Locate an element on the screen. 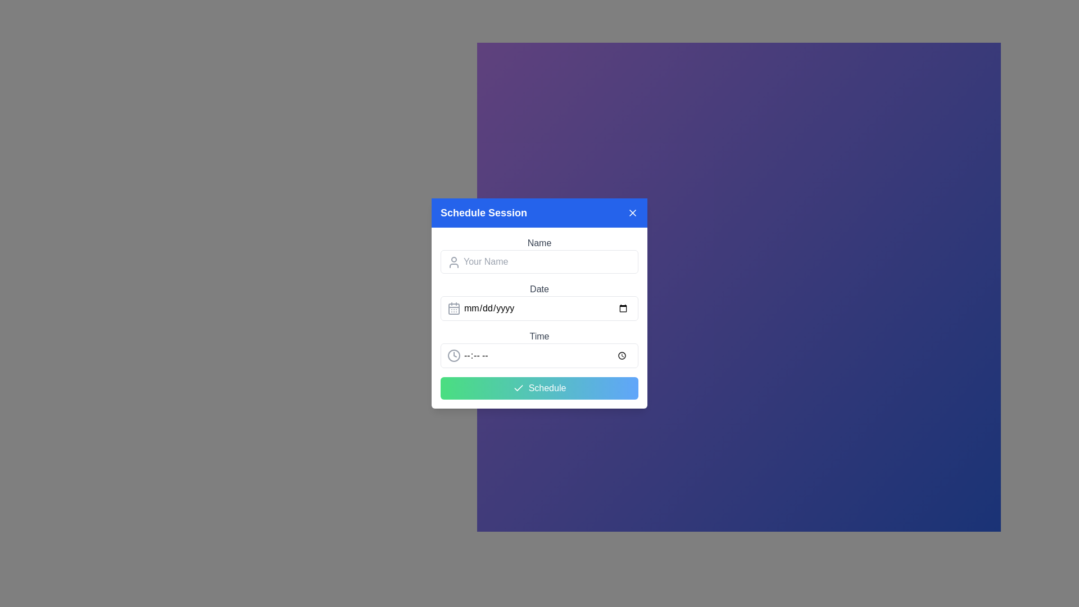 The height and width of the screenshot is (607, 1079). the checkmark icon located within the 'Schedule' button in the dialog box, indicating visual confirmation of an action or its completion is located at coordinates (518, 387).